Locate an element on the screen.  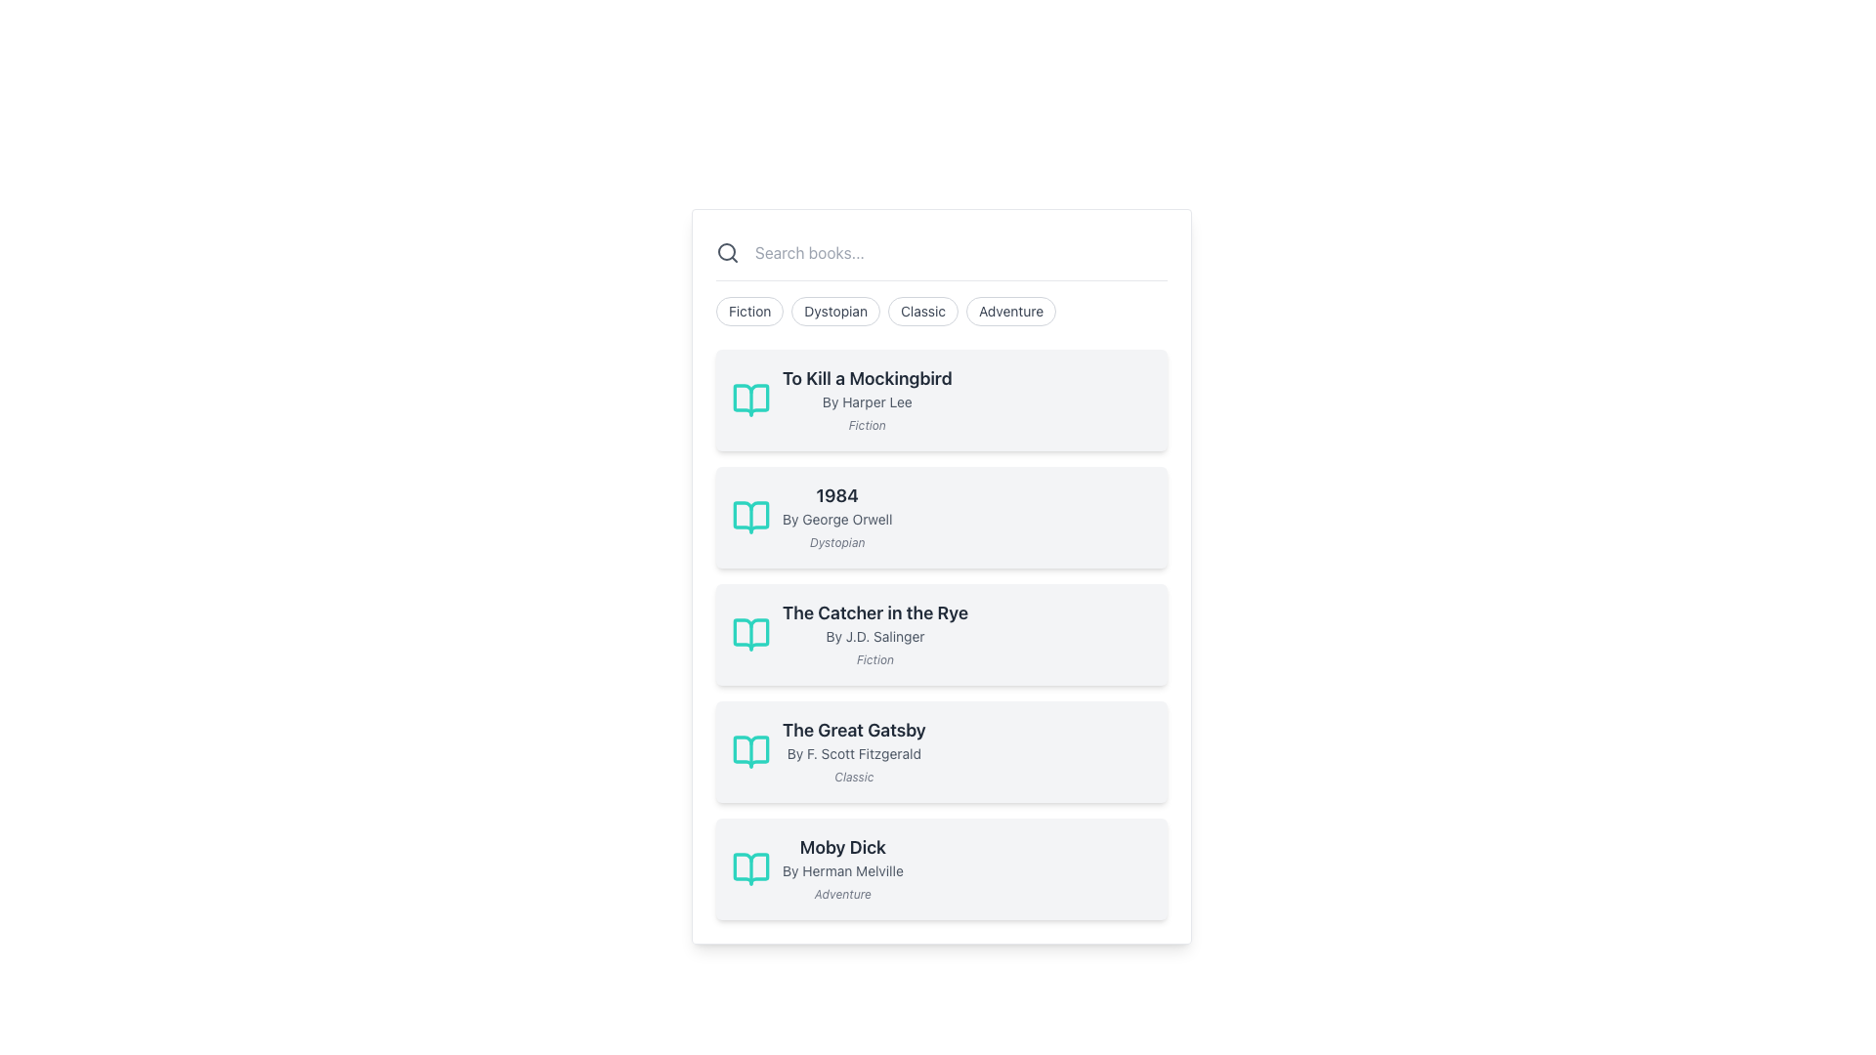
the pill-shaped button labeled 'Dystopian' with a white background and gray border to apply the filter is located at coordinates (835, 311).